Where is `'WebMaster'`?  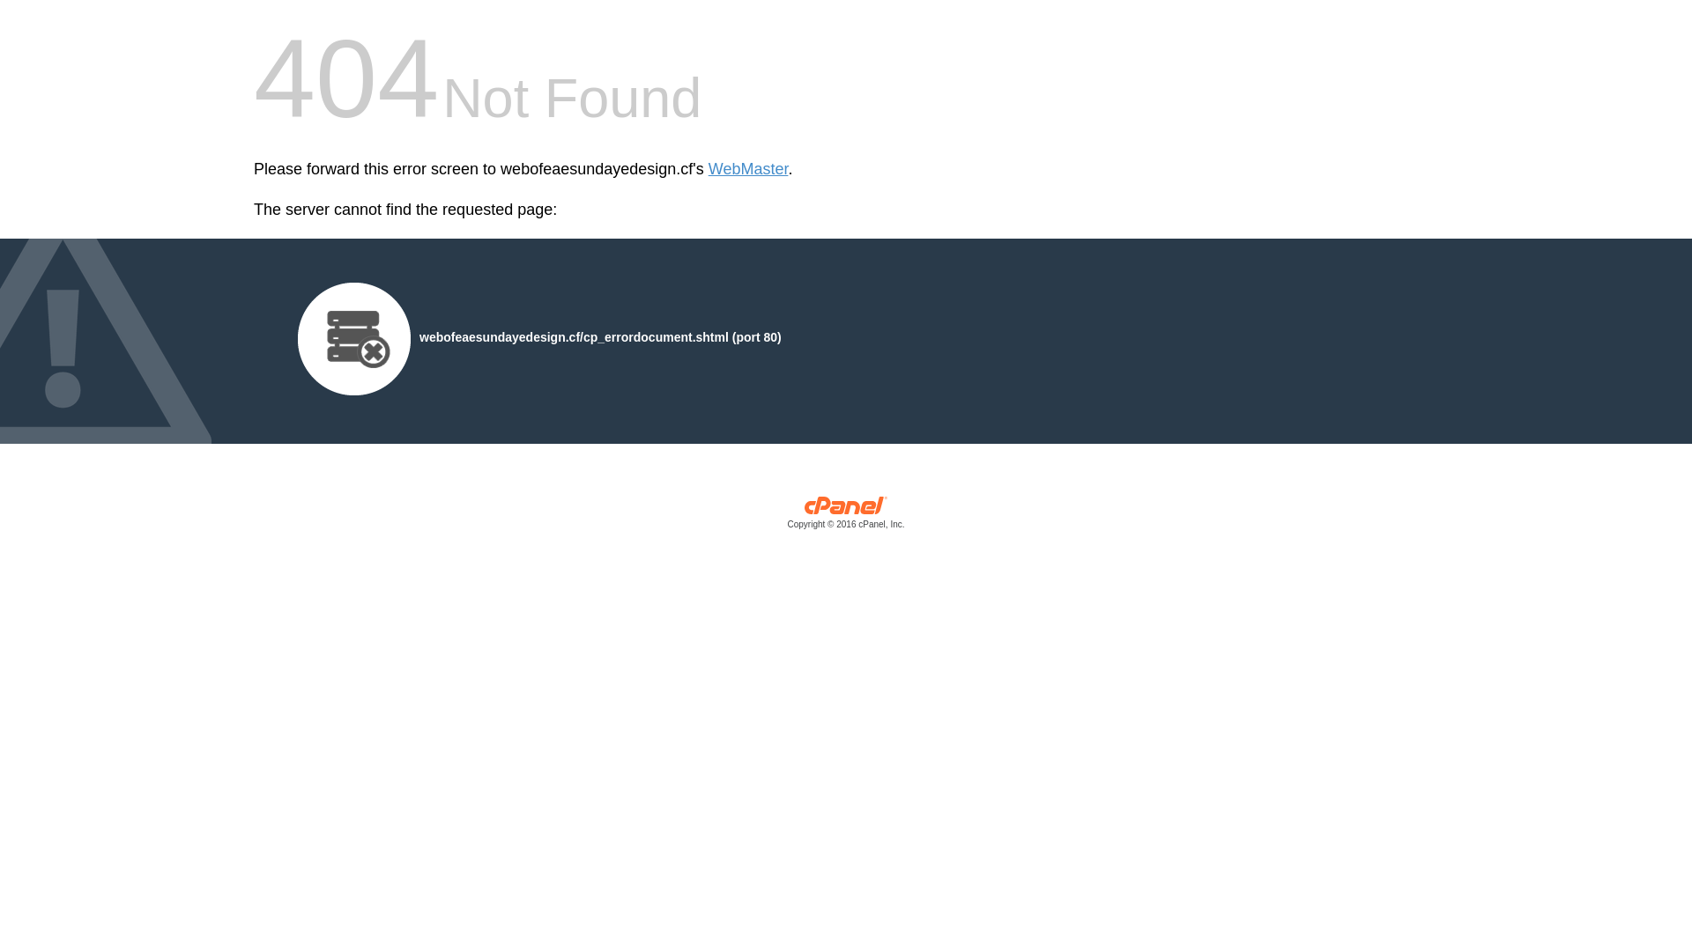 'WebMaster' is located at coordinates (748, 169).